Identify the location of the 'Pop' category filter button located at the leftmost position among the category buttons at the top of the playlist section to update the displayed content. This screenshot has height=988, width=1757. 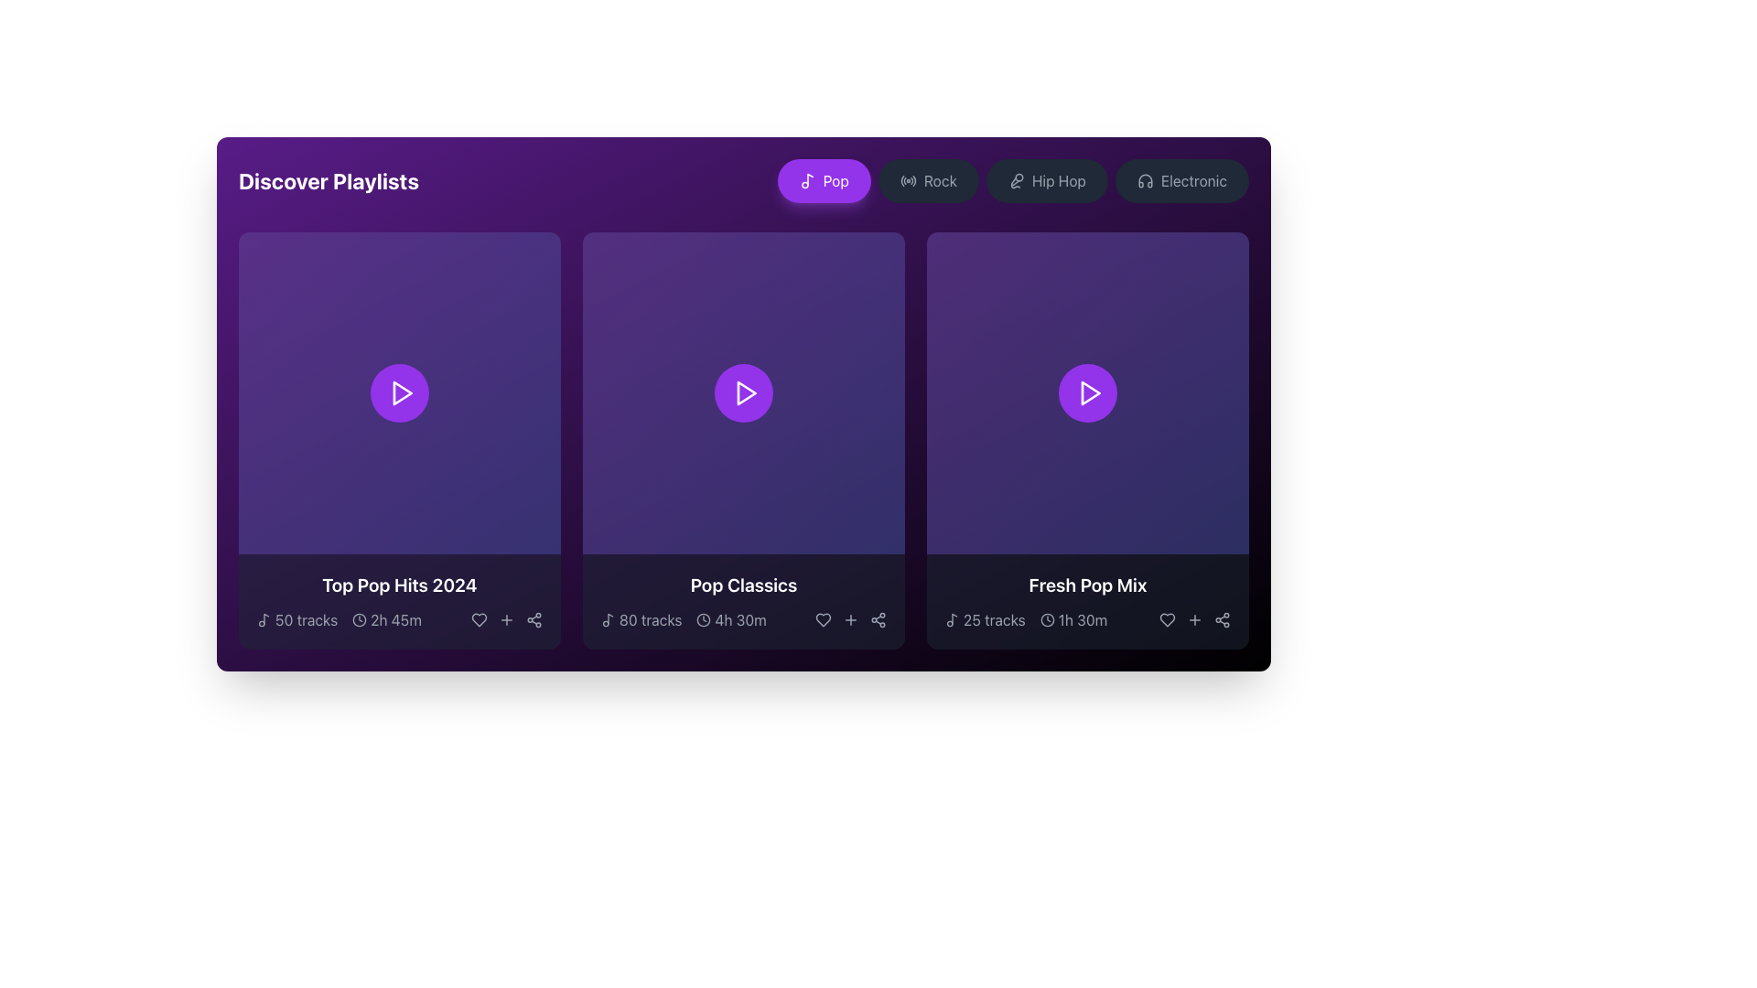
(823, 180).